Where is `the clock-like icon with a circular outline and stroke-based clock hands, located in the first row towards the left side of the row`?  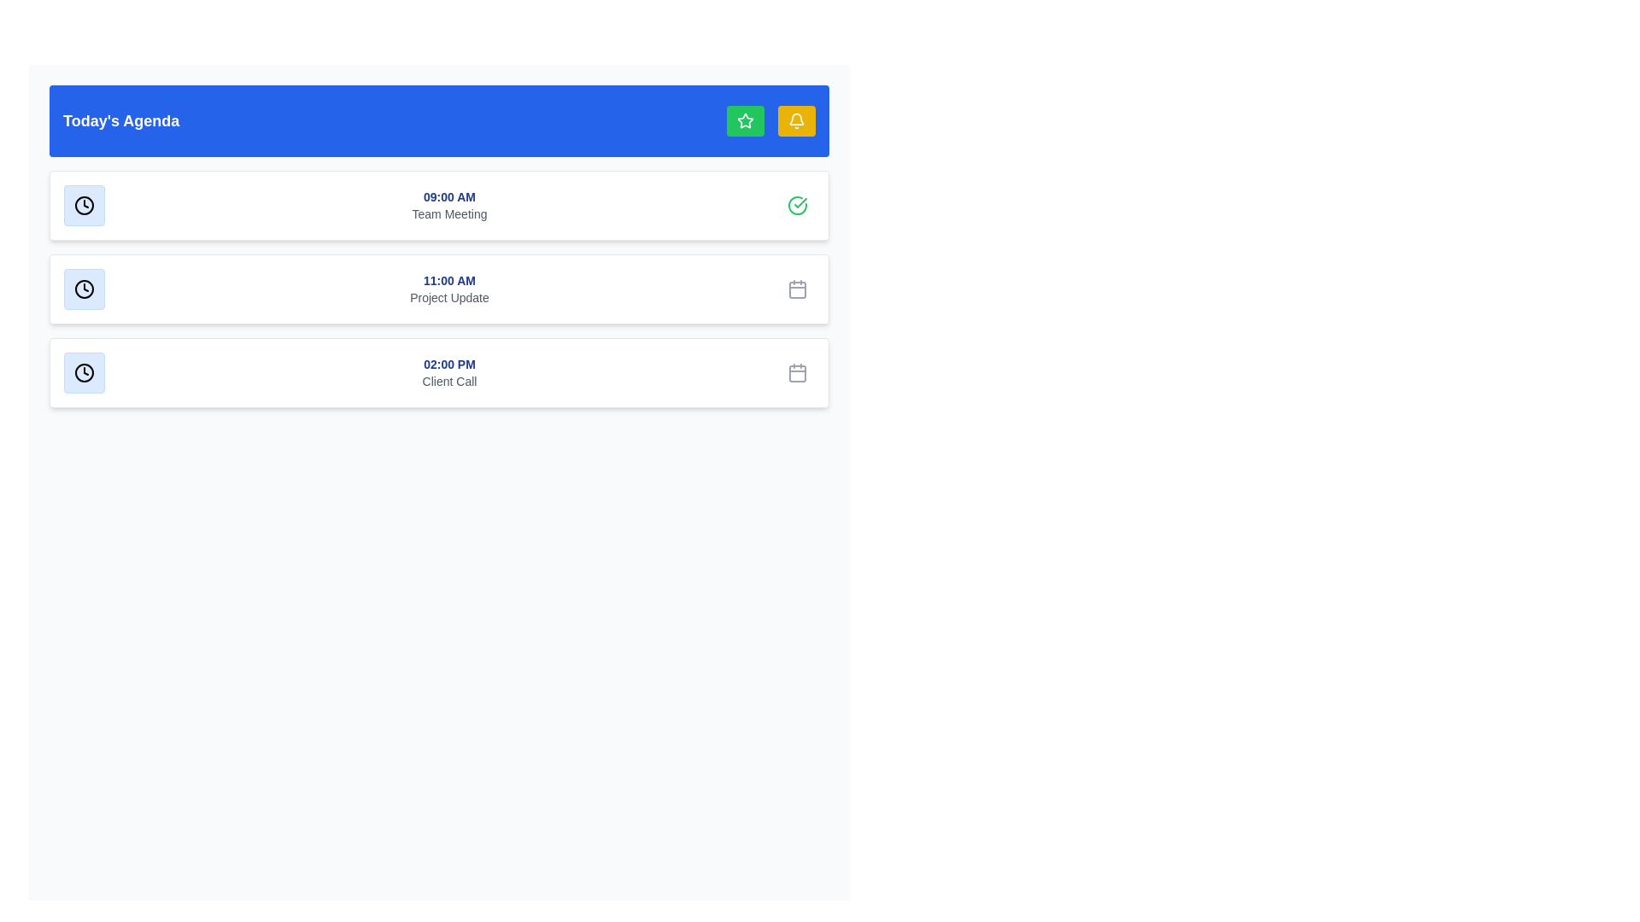
the clock-like icon with a circular outline and stroke-based clock hands, located in the first row towards the left side of the row is located at coordinates (84, 204).